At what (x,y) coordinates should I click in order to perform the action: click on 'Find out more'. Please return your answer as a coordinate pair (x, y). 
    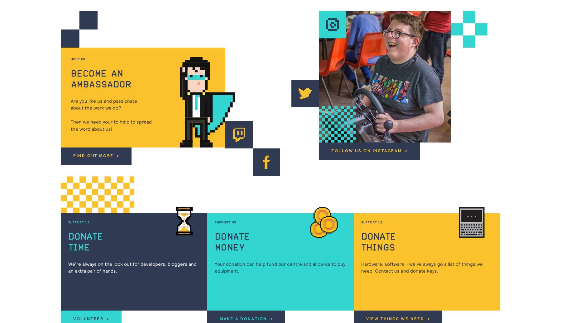
    Looking at the image, I should click on (94, 156).